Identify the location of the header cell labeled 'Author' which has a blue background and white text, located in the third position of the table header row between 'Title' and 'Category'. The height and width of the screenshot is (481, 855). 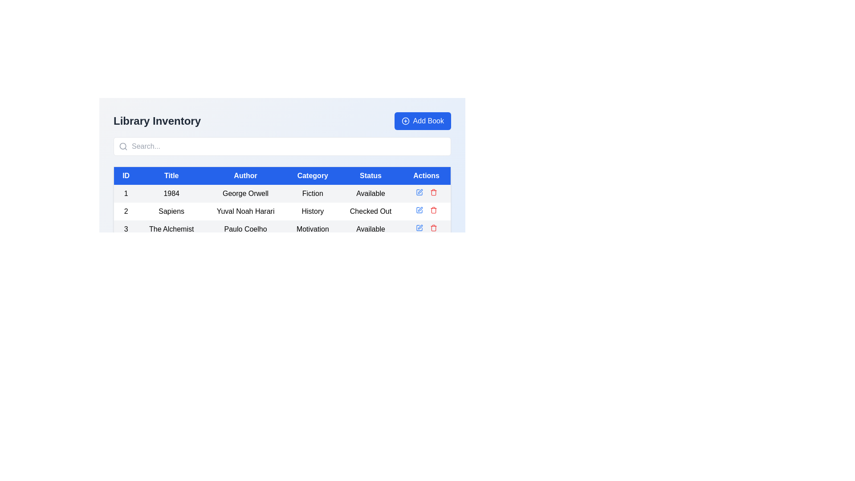
(245, 175).